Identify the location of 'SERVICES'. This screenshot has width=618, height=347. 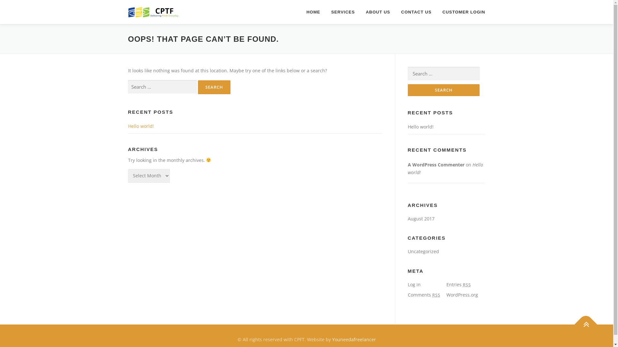
(342, 12).